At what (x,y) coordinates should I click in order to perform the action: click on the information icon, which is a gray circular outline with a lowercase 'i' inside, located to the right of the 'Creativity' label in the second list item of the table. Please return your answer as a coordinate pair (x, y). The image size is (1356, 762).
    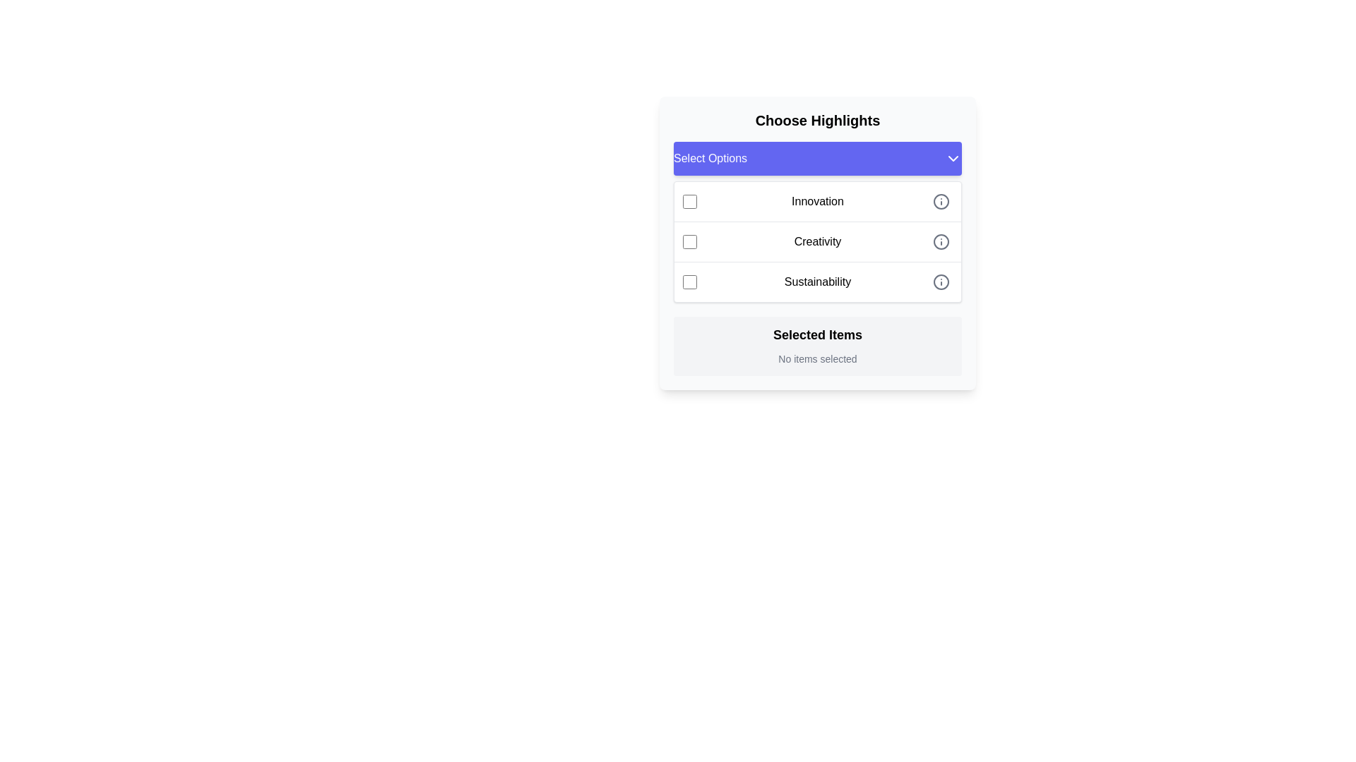
    Looking at the image, I should click on (941, 241).